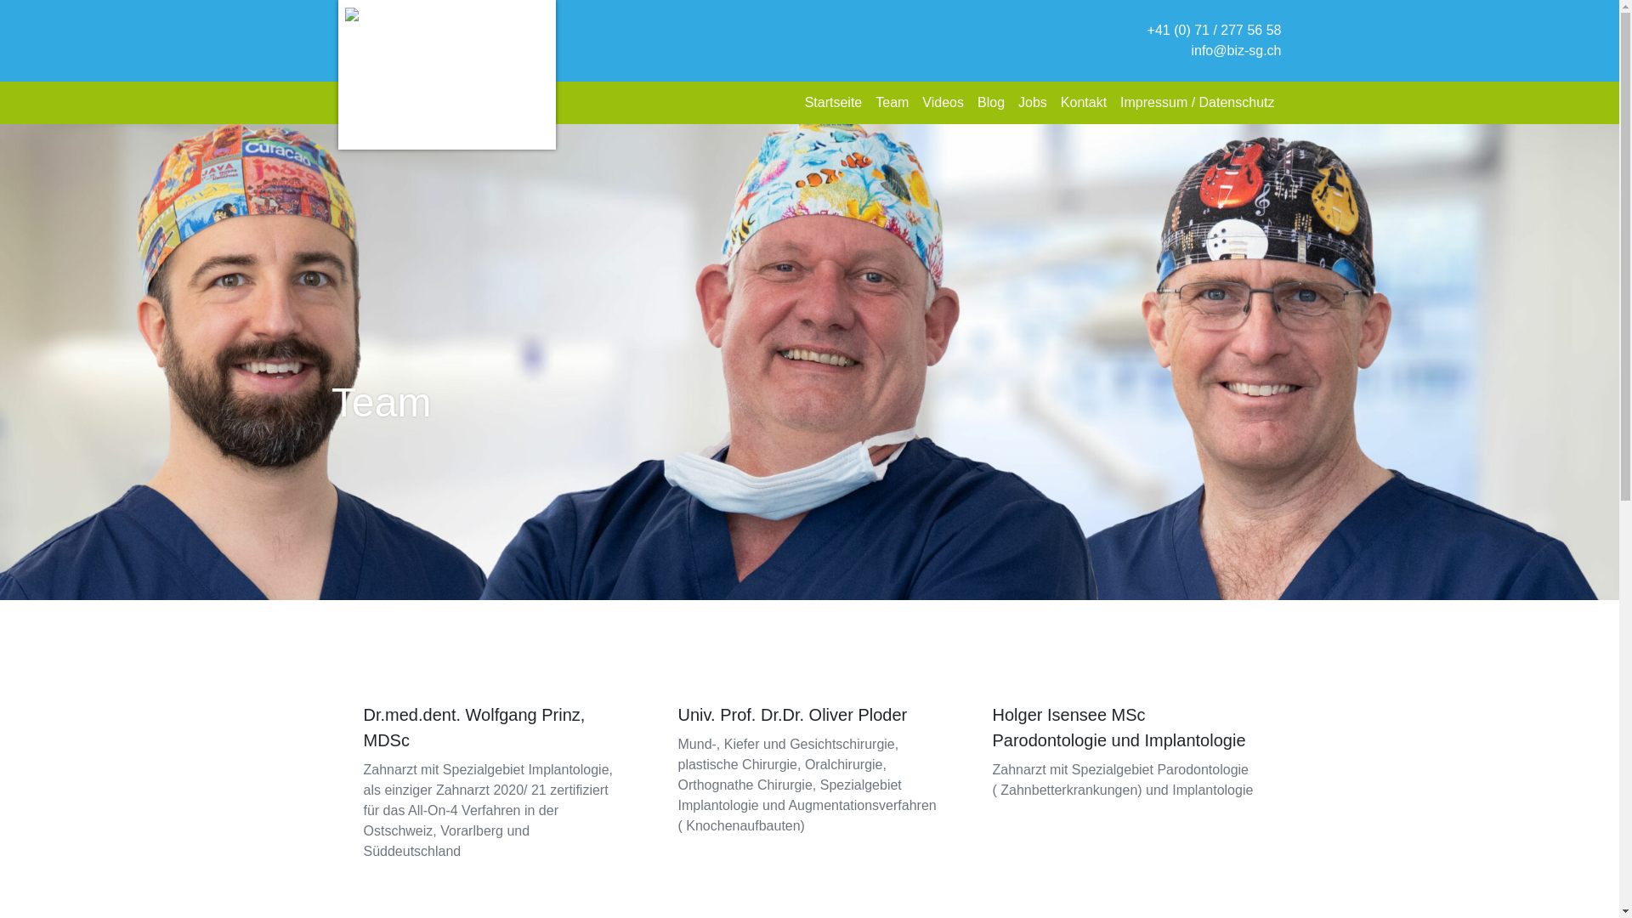 This screenshot has width=1632, height=918. Describe the element at coordinates (891, 102) in the screenshot. I see `'Team'` at that location.